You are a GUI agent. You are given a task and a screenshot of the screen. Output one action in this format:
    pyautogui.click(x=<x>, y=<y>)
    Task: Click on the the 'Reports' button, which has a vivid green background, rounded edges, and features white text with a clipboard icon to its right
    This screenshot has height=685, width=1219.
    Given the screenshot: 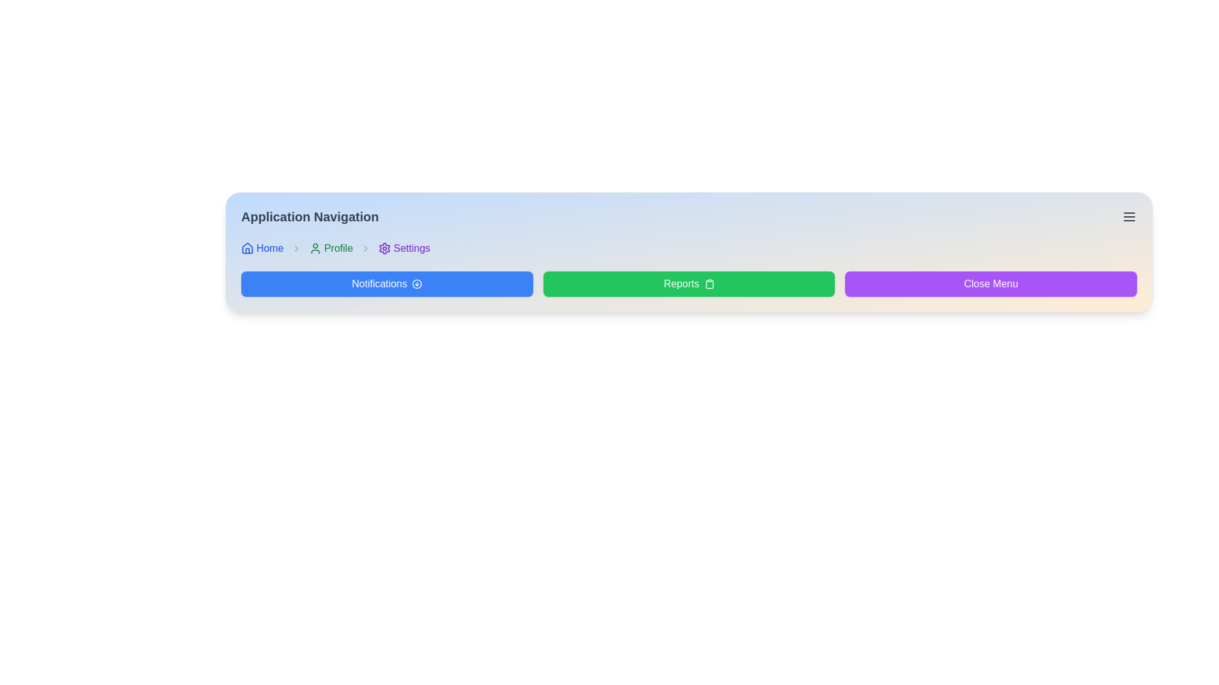 What is the action you would take?
    pyautogui.click(x=688, y=283)
    